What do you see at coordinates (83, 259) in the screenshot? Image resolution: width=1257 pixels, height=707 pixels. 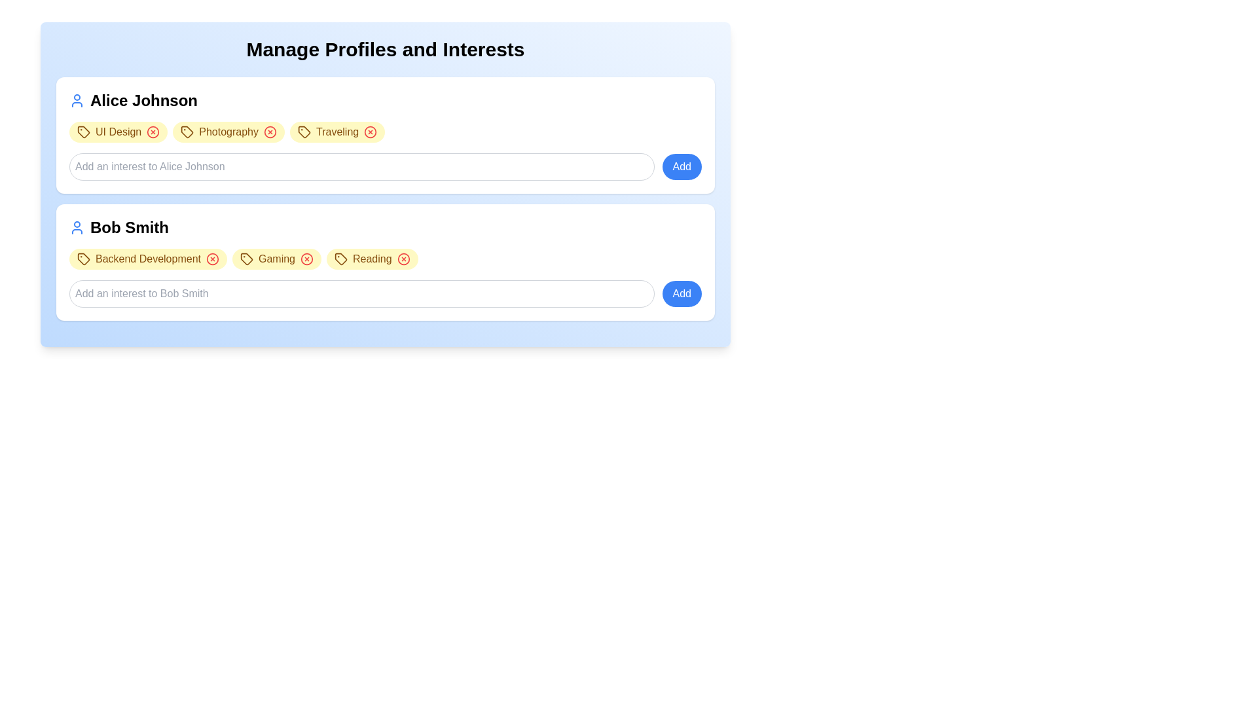 I see `the decorative icon that identifies the 'Backend Development' interest tag preceding the text in Bob Smith's profile interests` at bounding box center [83, 259].